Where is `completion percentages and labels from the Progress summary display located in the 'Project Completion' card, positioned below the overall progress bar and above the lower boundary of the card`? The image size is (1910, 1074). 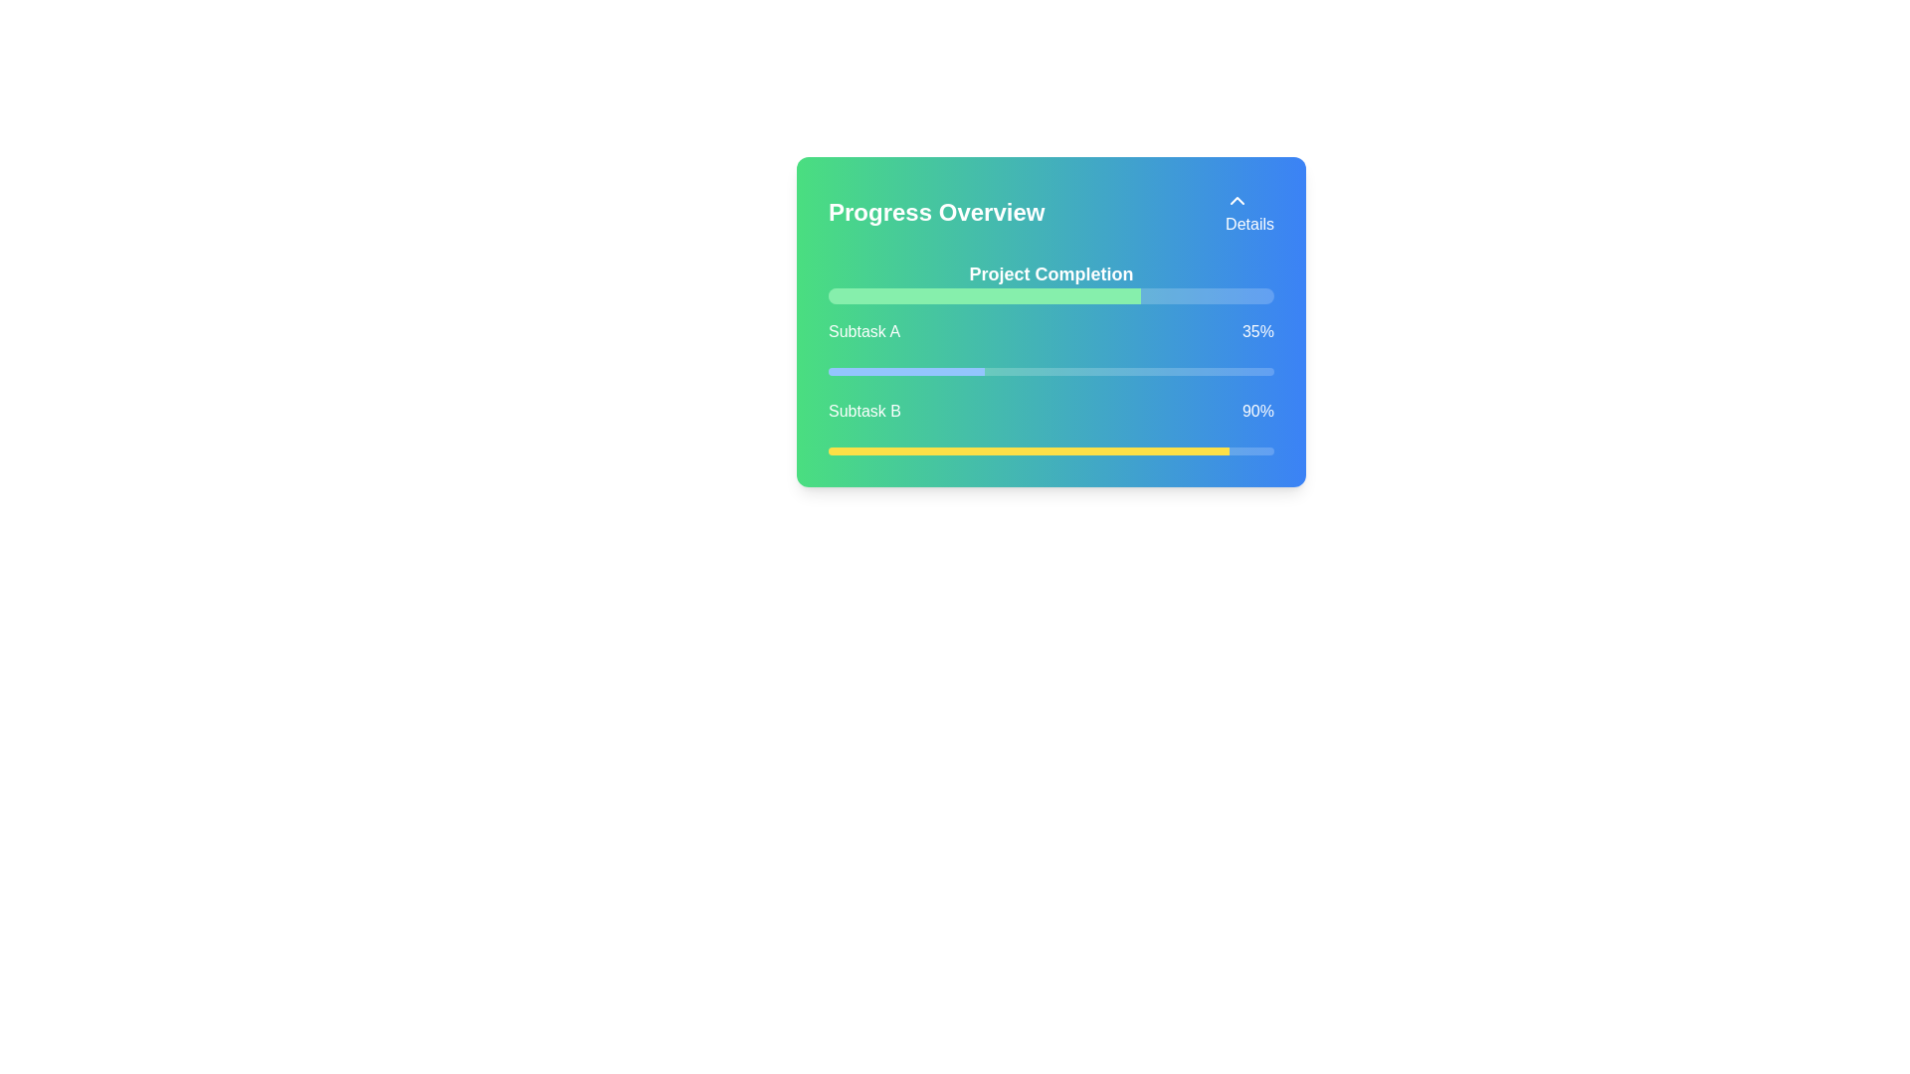 completion percentages and labels from the Progress summary display located in the 'Project Completion' card, positioned below the overall progress bar and above the lower boundary of the card is located at coordinates (1050, 387).